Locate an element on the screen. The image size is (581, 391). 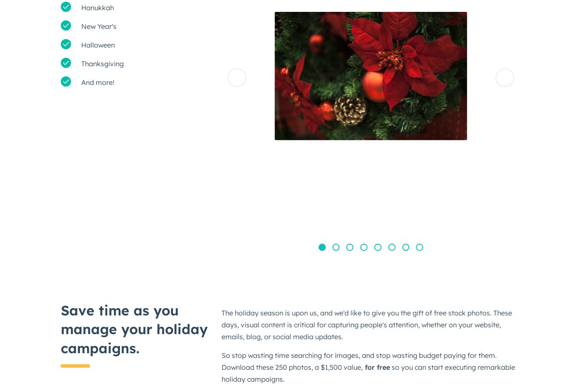
'for free' is located at coordinates (376, 367).